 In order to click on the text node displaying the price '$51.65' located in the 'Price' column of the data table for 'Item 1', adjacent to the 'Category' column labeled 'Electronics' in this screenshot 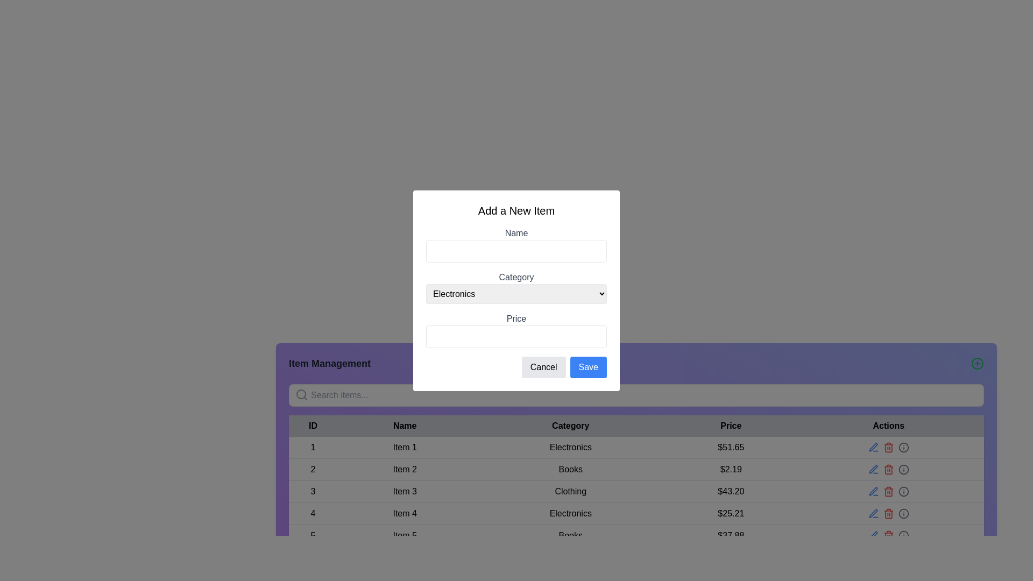, I will do `click(731, 448)`.